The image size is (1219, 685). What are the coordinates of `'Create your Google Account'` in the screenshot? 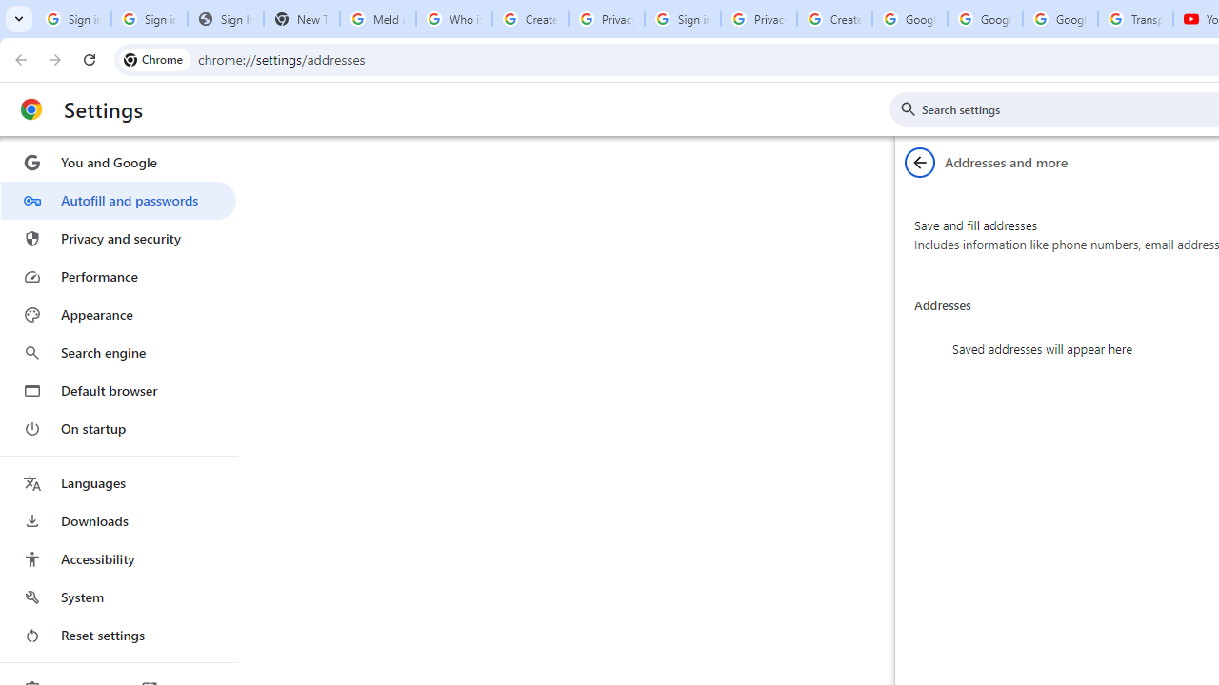 It's located at (834, 19).